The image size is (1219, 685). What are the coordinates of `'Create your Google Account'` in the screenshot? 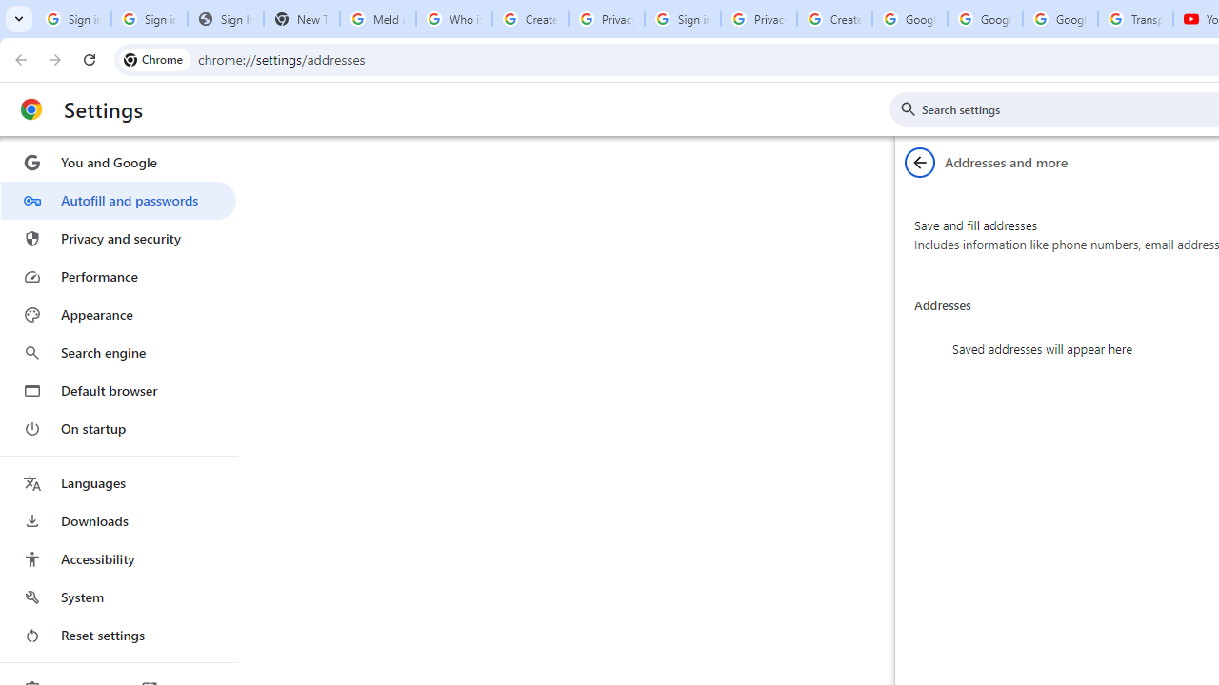 It's located at (834, 19).